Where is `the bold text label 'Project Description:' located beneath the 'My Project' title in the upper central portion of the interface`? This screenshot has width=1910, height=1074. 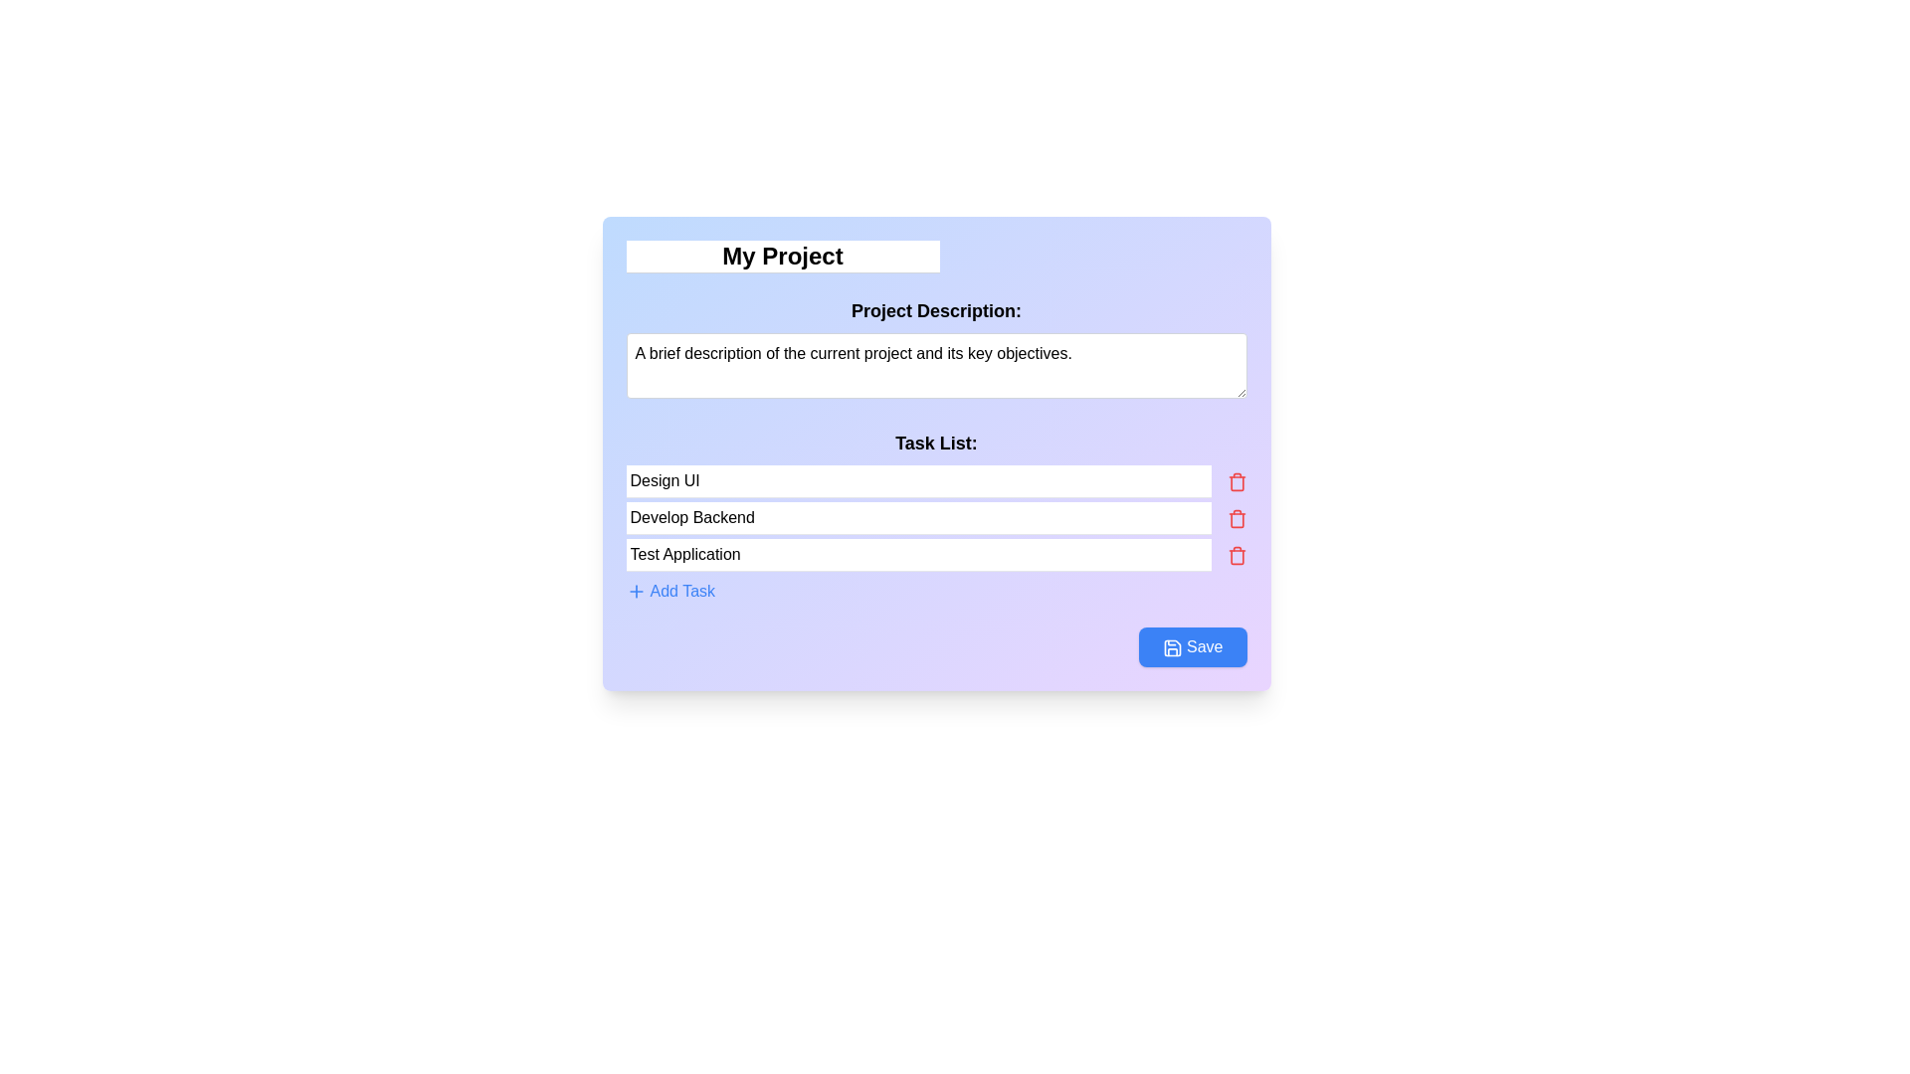
the bold text label 'Project Description:' located beneath the 'My Project' title in the upper central portion of the interface is located at coordinates (935, 310).